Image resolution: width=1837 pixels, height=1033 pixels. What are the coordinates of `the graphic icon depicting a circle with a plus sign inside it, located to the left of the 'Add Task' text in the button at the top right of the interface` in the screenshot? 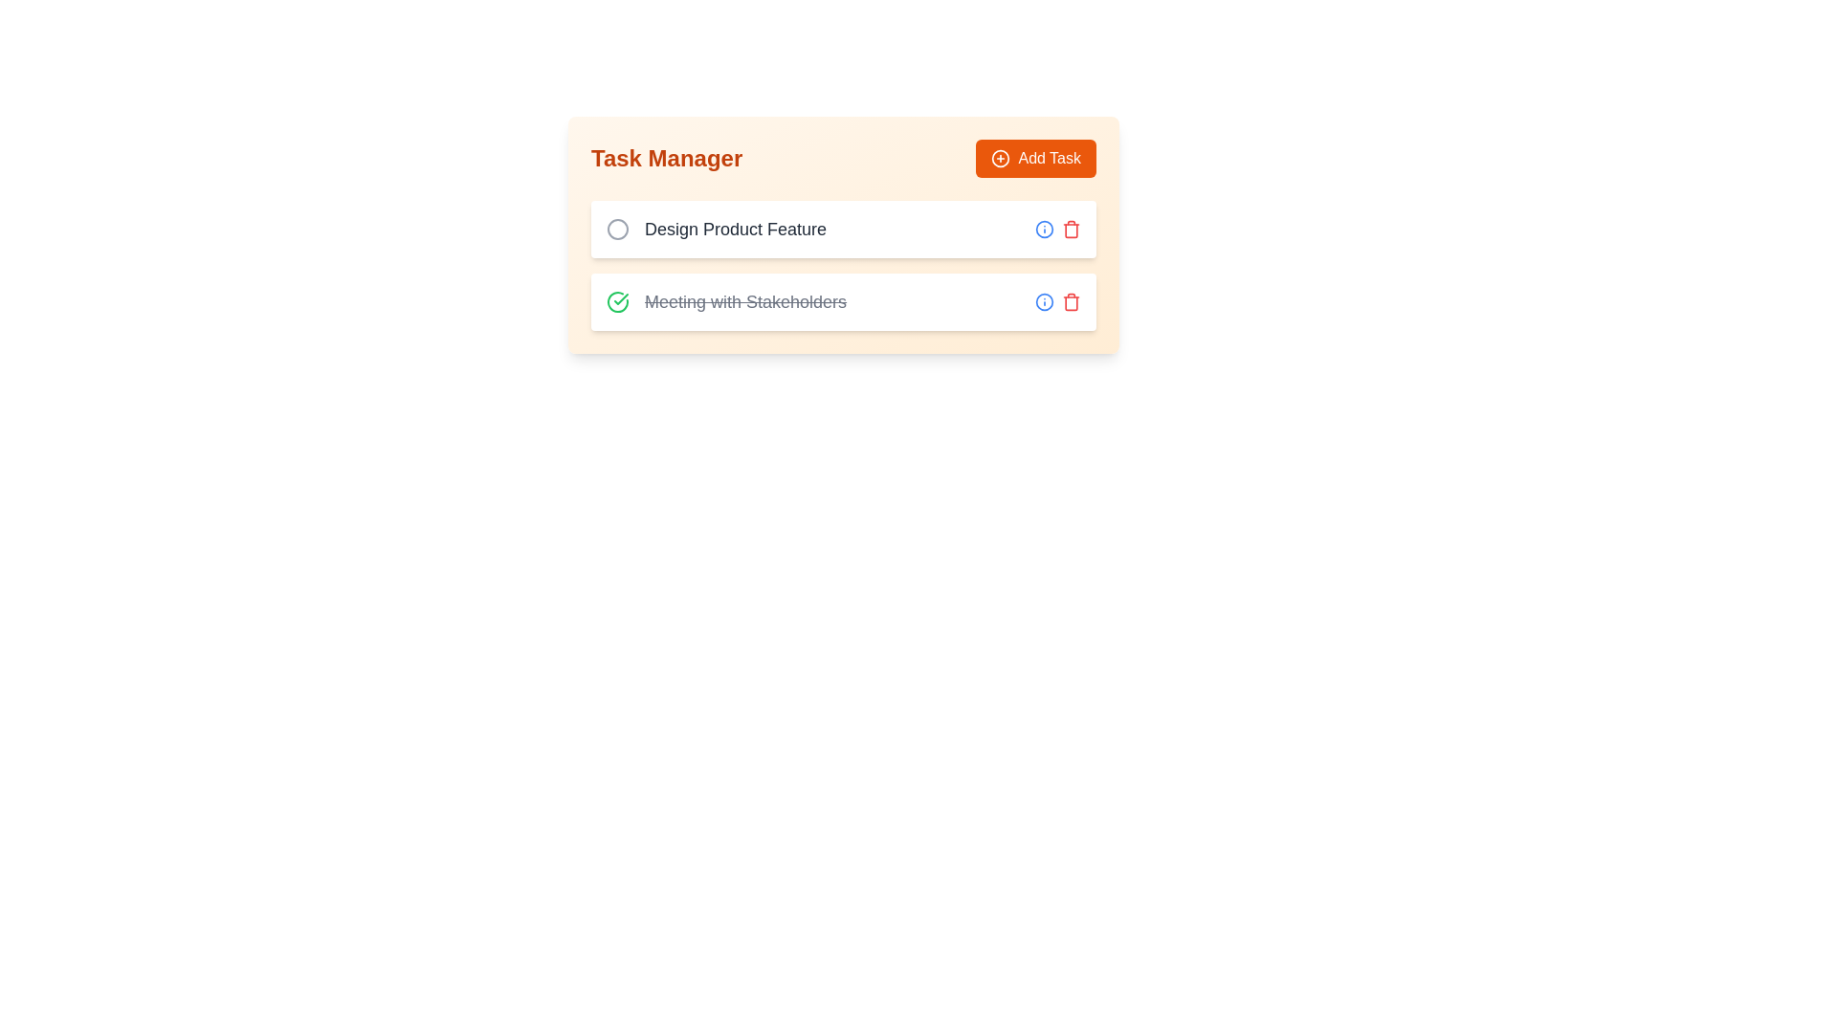 It's located at (1000, 157).